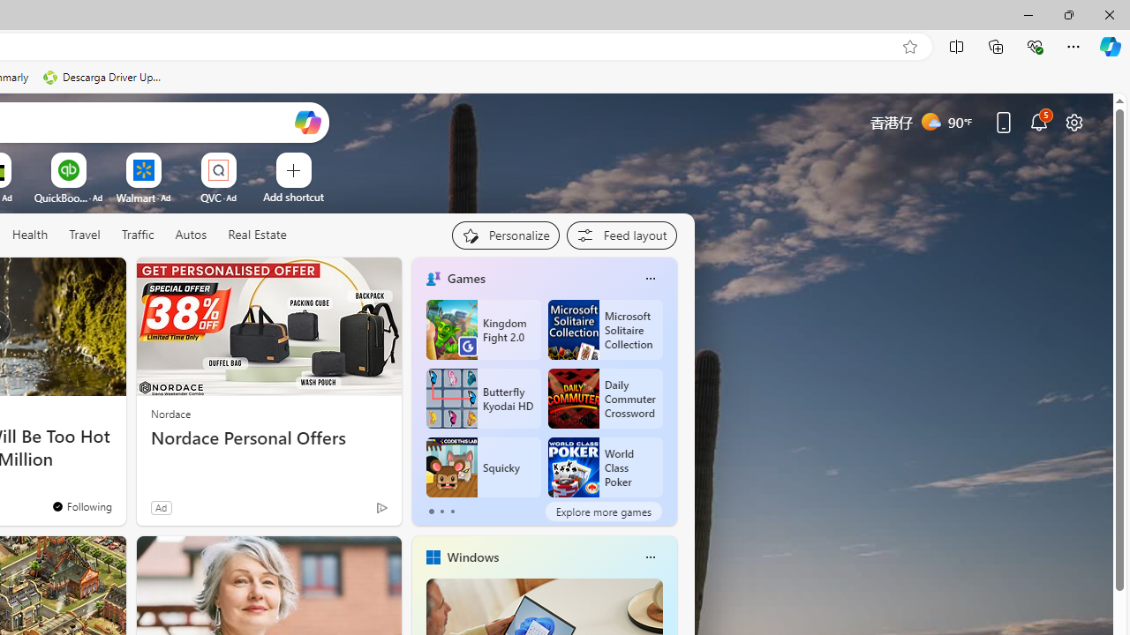 The height and width of the screenshot is (635, 1130). Describe the element at coordinates (649, 557) in the screenshot. I see `'Class: icon-img'` at that location.